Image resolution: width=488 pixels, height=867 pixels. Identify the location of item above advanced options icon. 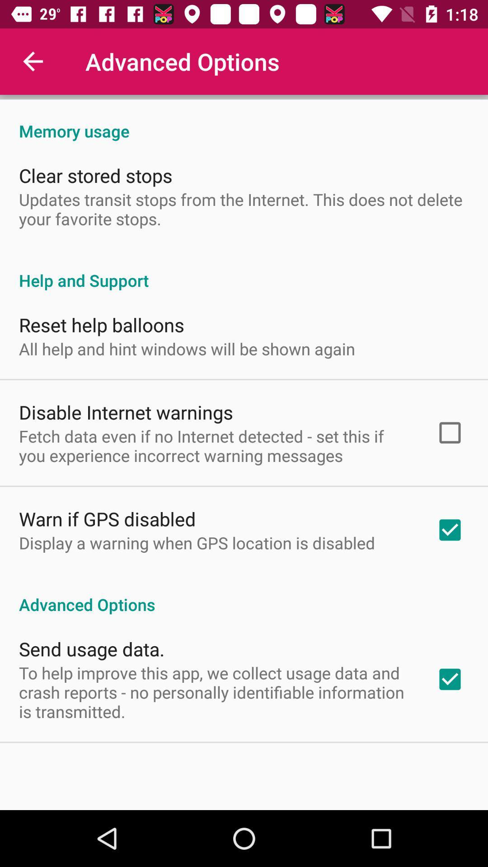
(197, 542).